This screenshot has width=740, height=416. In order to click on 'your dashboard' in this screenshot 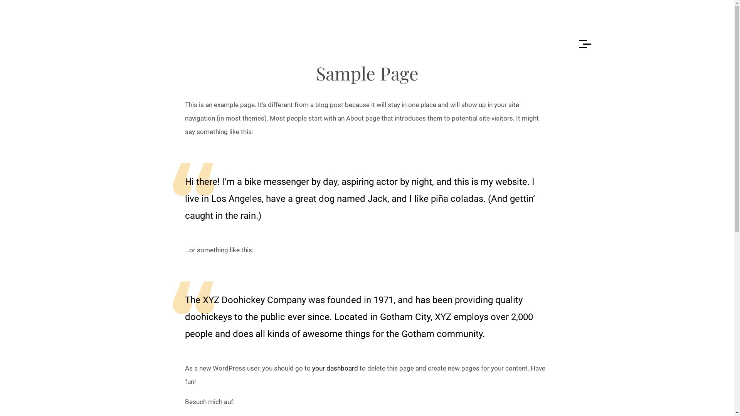, I will do `click(335, 368)`.